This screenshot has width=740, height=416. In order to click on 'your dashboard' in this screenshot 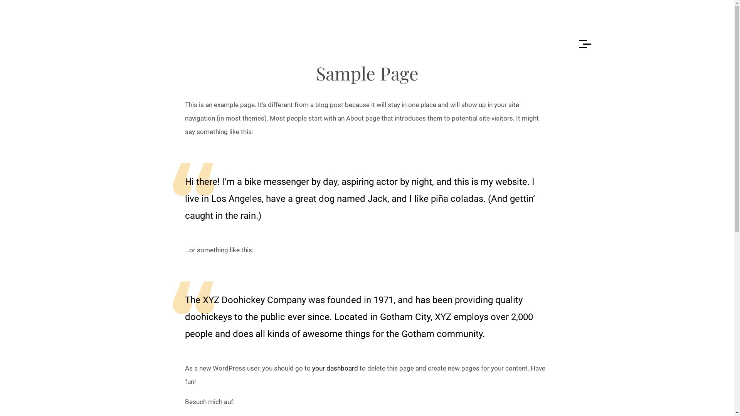, I will do `click(335, 368)`.